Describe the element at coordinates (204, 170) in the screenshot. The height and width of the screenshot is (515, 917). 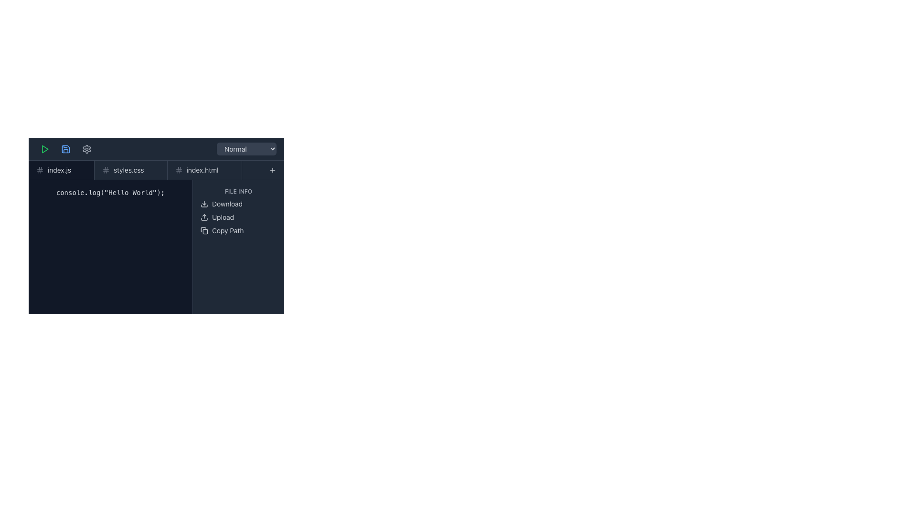
I see `the tab labeled 'index.html', which is the third option in the tab bar` at that location.